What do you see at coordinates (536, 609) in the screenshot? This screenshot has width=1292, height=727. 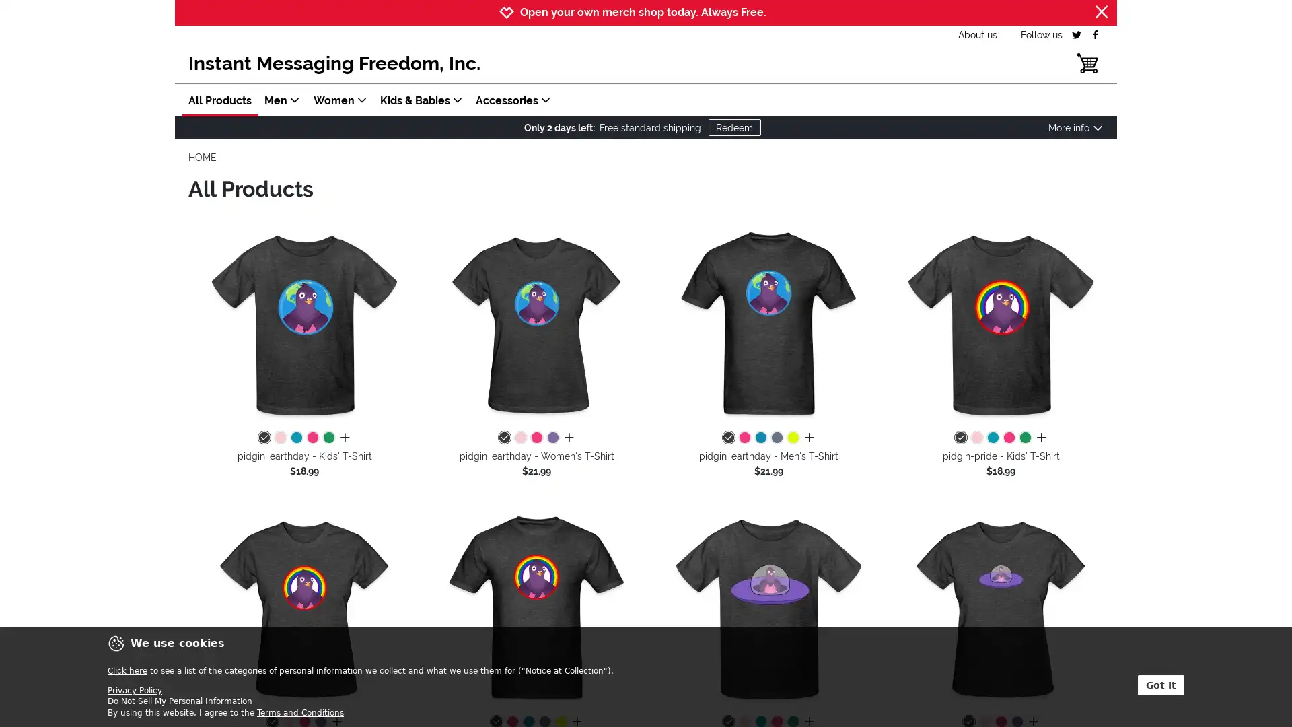 I see `pidgin-pride - Men's T-Shirt` at bounding box center [536, 609].